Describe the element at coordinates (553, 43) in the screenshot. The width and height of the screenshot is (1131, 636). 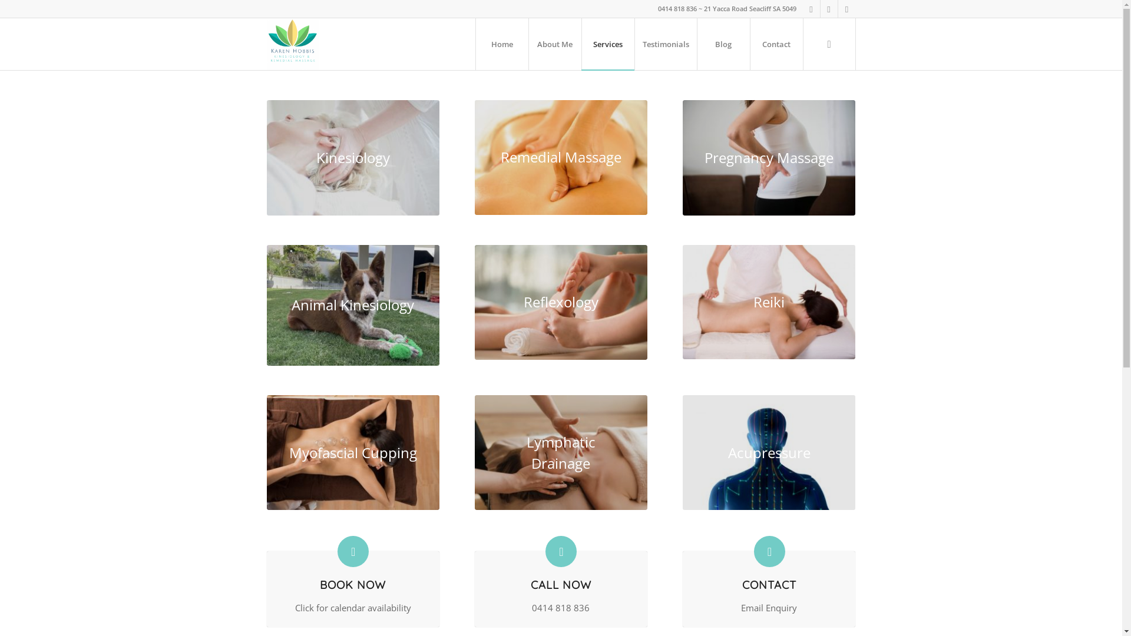
I see `'About Me'` at that location.